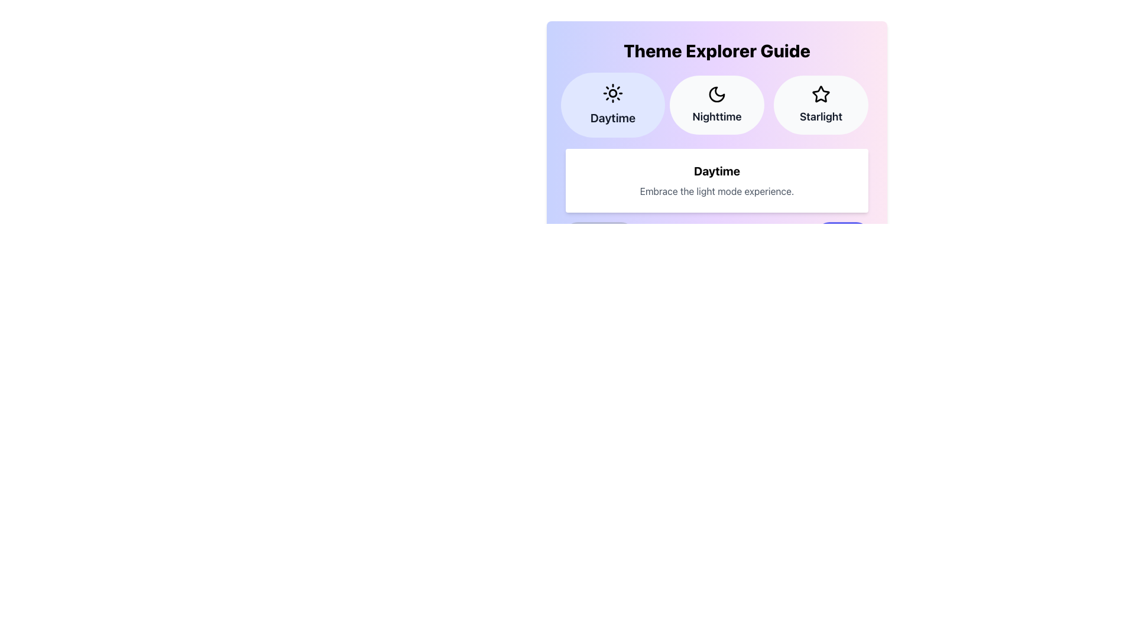 This screenshot has width=1135, height=638. Describe the element at coordinates (716, 171) in the screenshot. I see `header text 'Daytime' mode located within the white card at the upper middle region of the interface to understand its significance` at that location.